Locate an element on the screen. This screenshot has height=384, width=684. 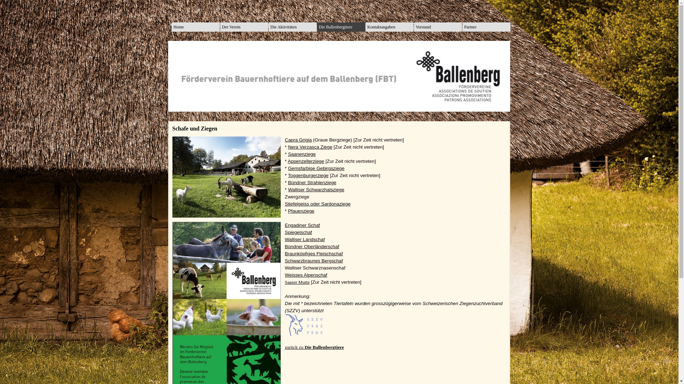
'Toggenburgerziege' is located at coordinates (287, 175).